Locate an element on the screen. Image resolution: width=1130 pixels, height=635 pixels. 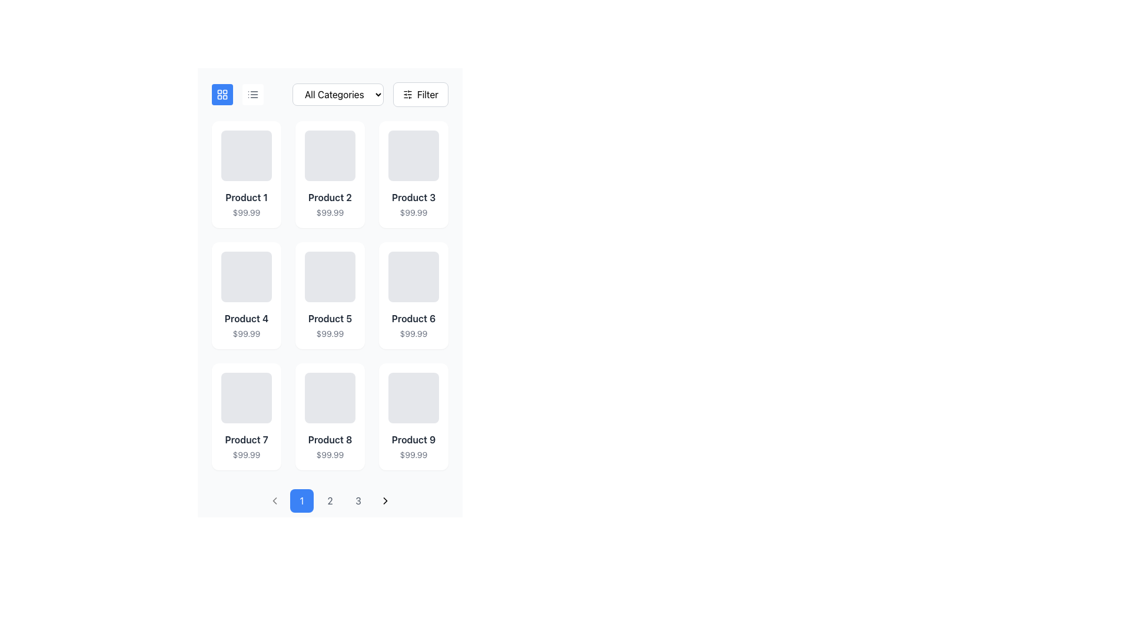
the text label displaying the numerical value '$99.99' located directly below 'Product 8' in the second column of the grid is located at coordinates (330, 454).